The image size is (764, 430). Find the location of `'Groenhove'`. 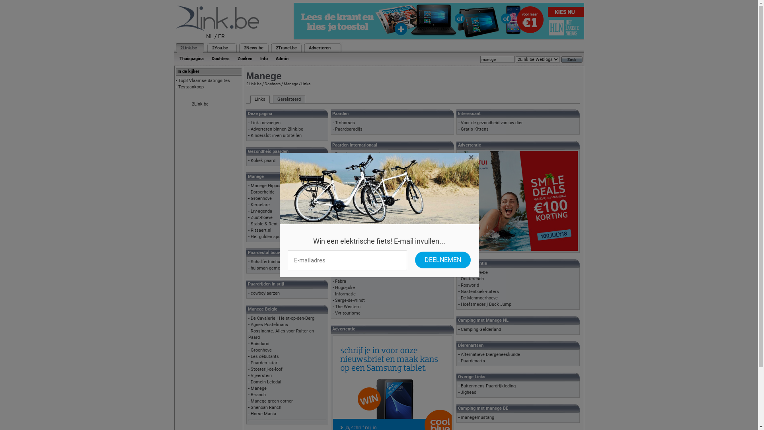

'Groenhove' is located at coordinates (250, 198).